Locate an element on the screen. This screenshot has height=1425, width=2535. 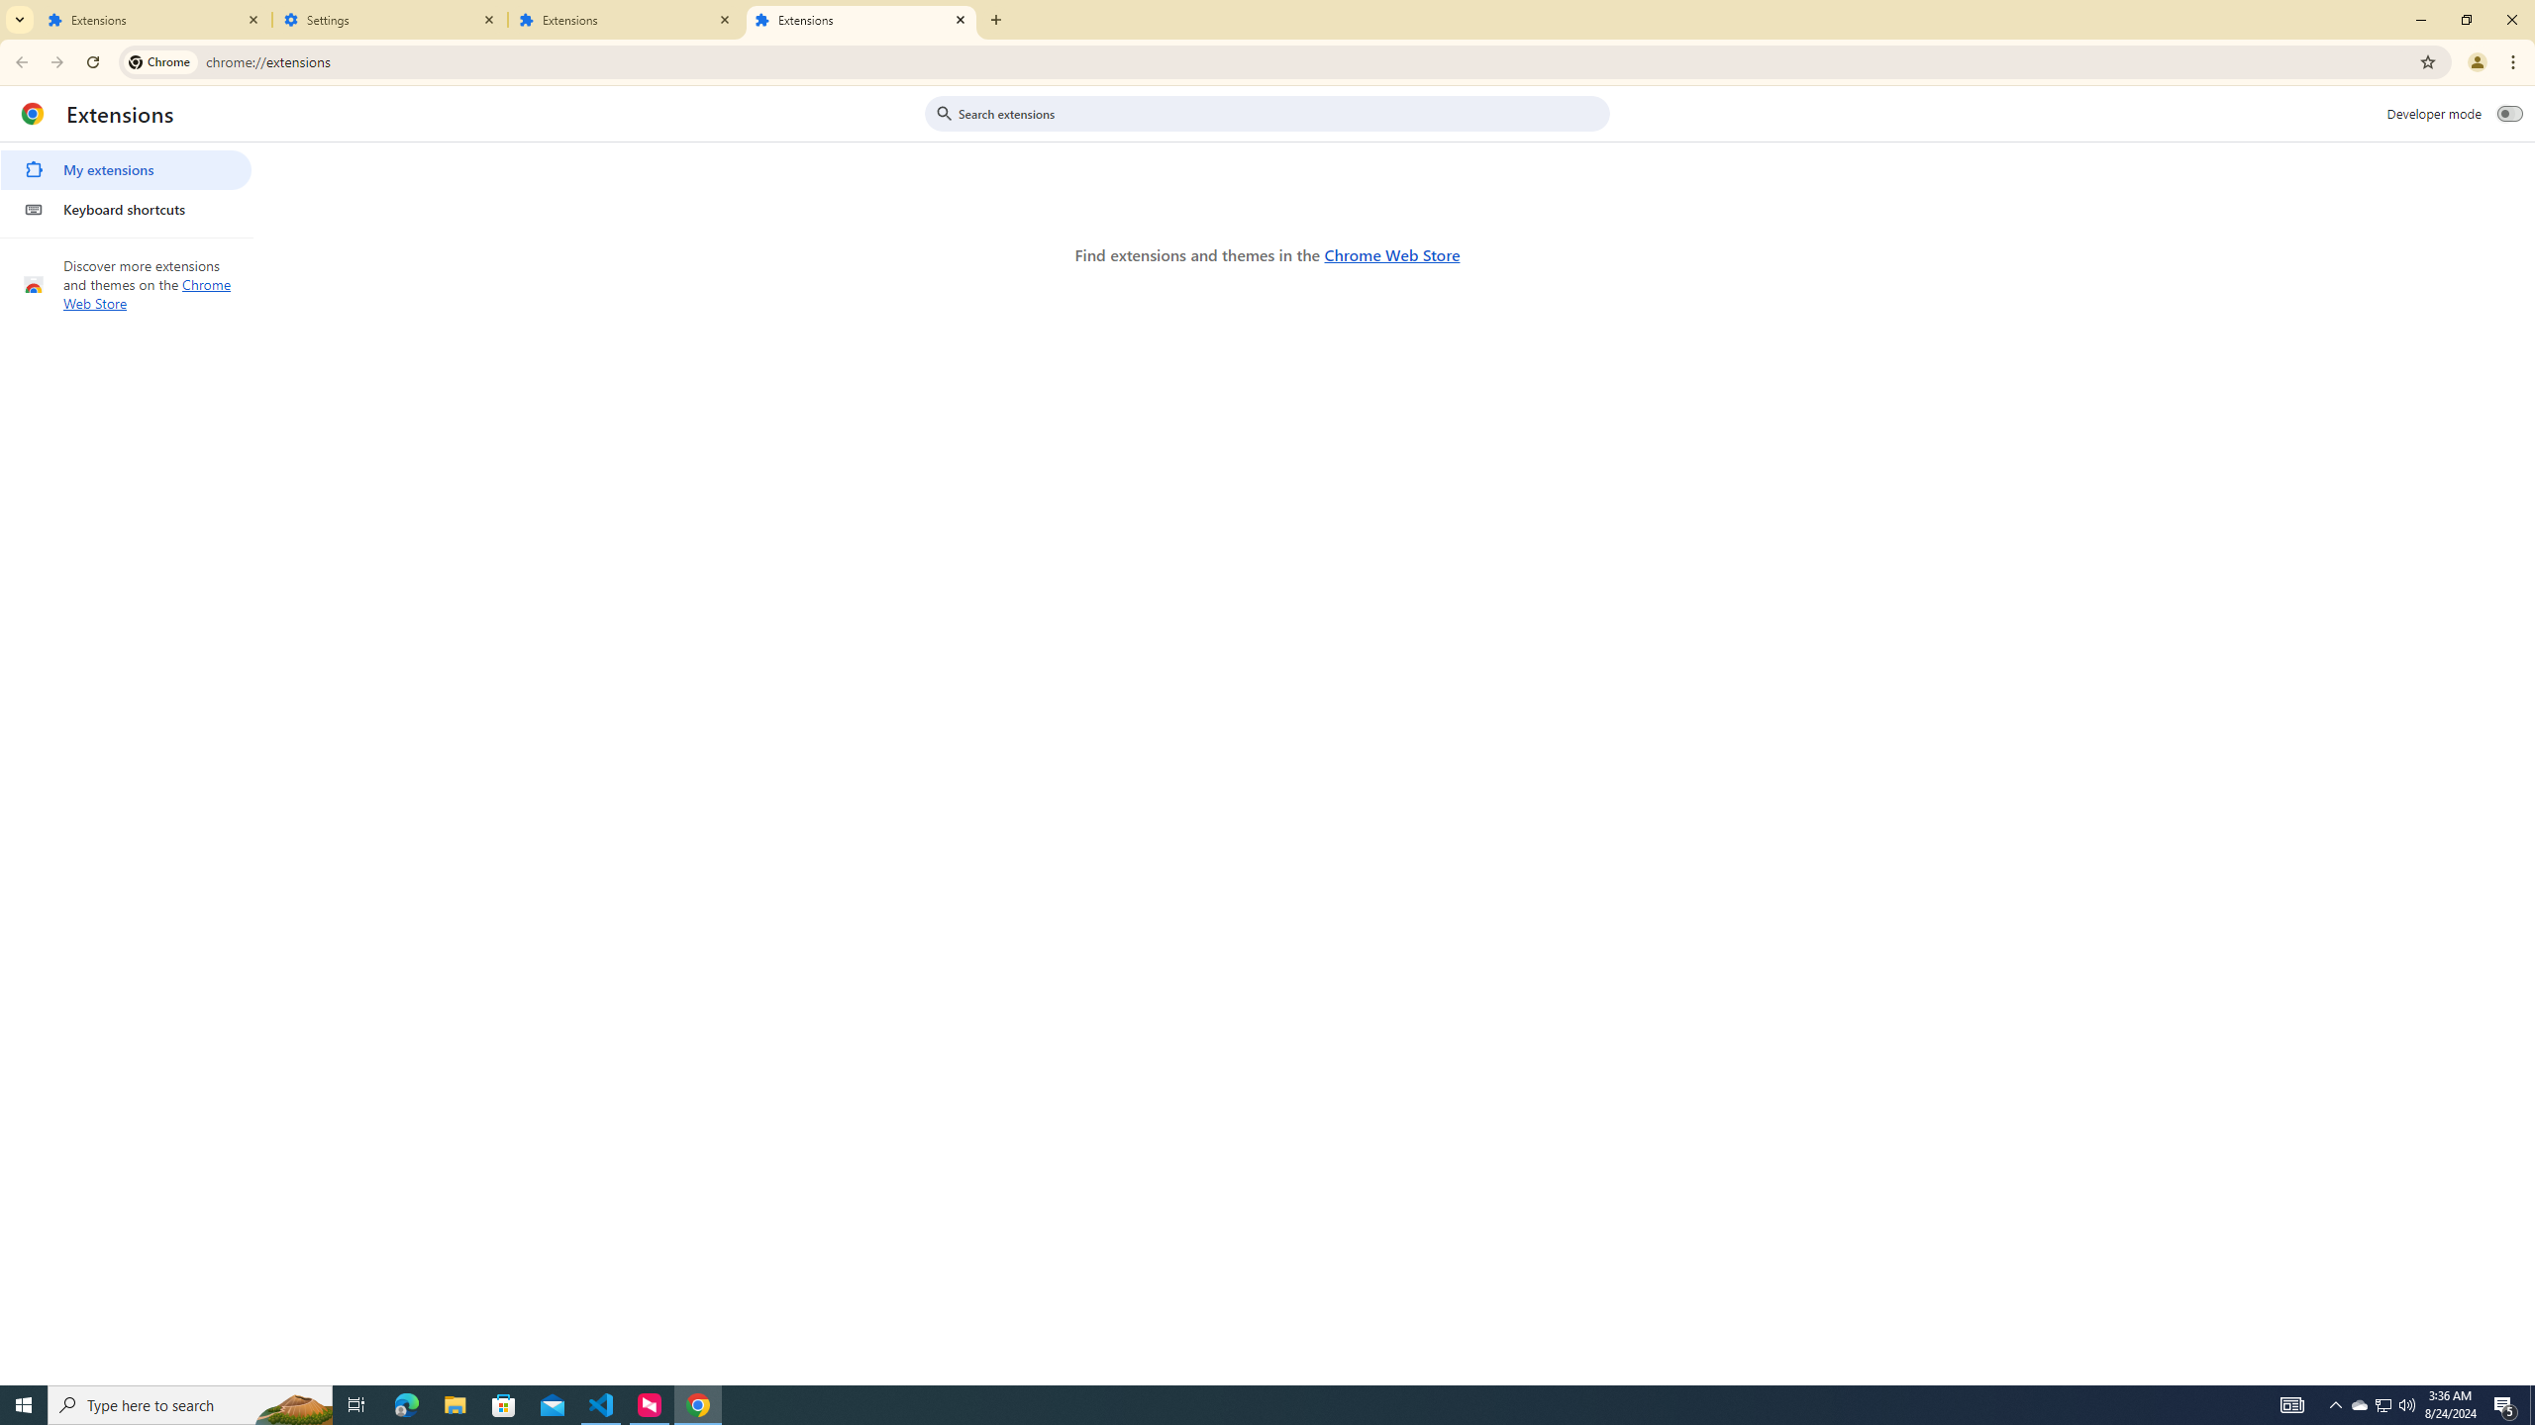
'Settings' is located at coordinates (390, 19).